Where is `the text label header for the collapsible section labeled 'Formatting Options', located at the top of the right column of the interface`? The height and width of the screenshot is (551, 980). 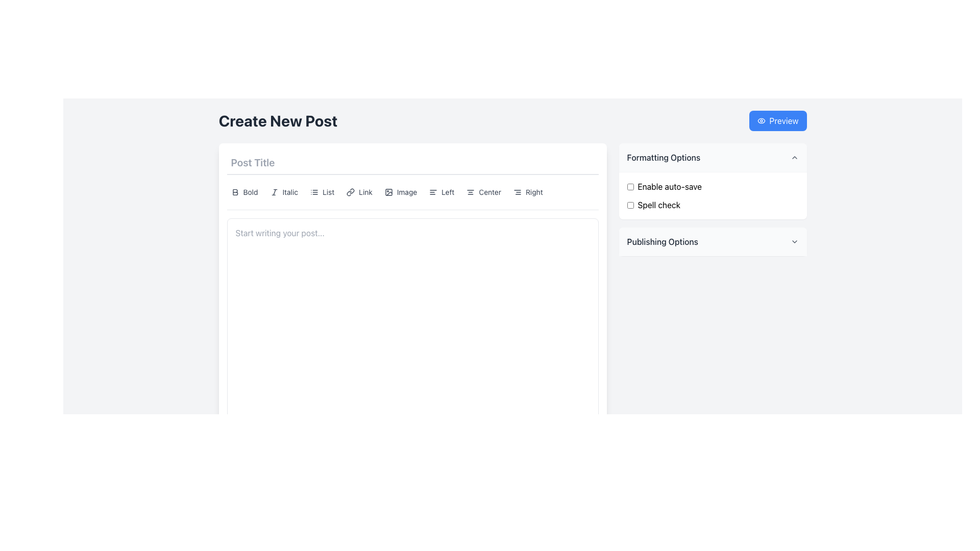
the text label header for the collapsible section labeled 'Formatting Options', located at the top of the right column of the interface is located at coordinates (664, 157).